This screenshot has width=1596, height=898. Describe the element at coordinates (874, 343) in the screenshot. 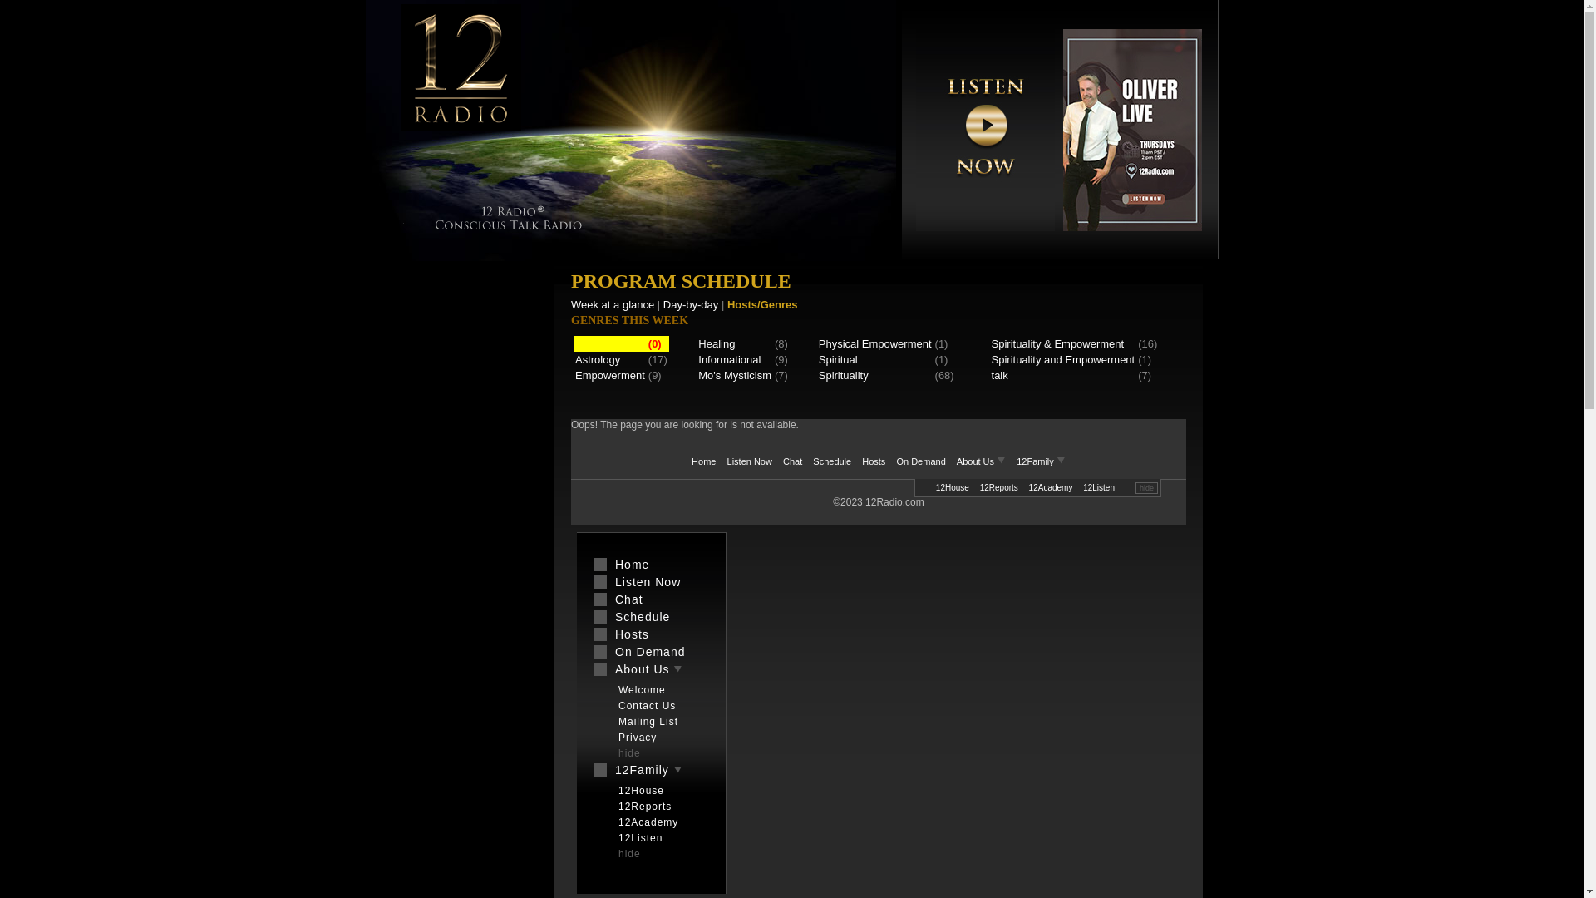

I see `'Physical Empowerment'` at that location.